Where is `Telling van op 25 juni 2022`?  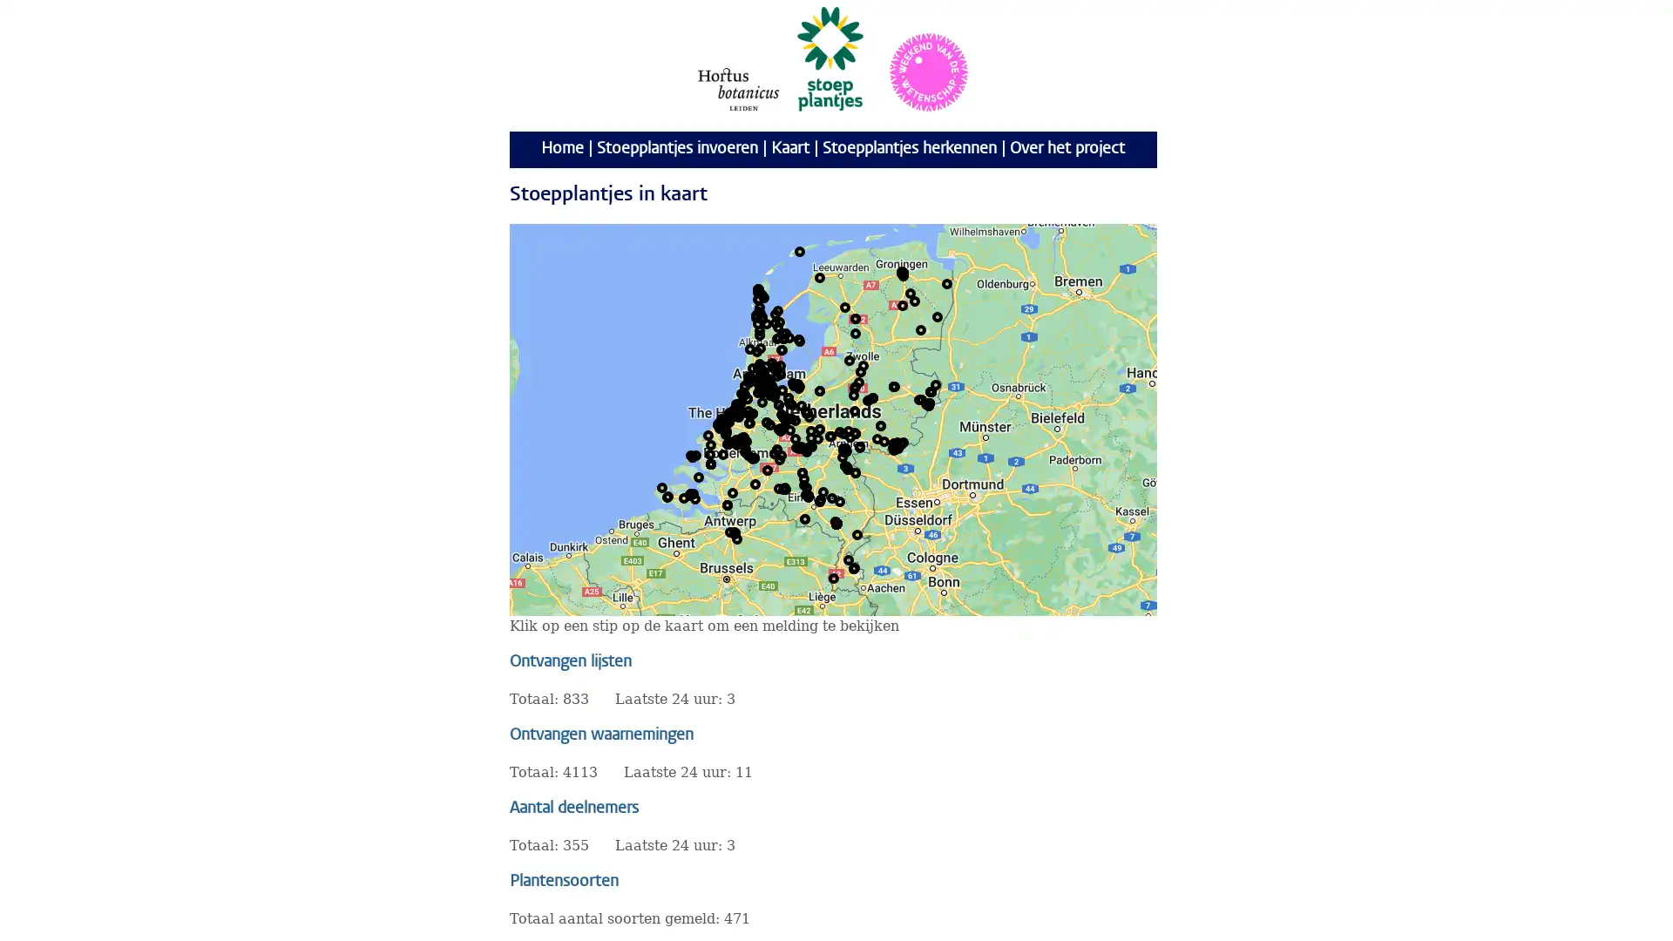 Telling van op 25 juni 2022 is located at coordinates (692, 456).